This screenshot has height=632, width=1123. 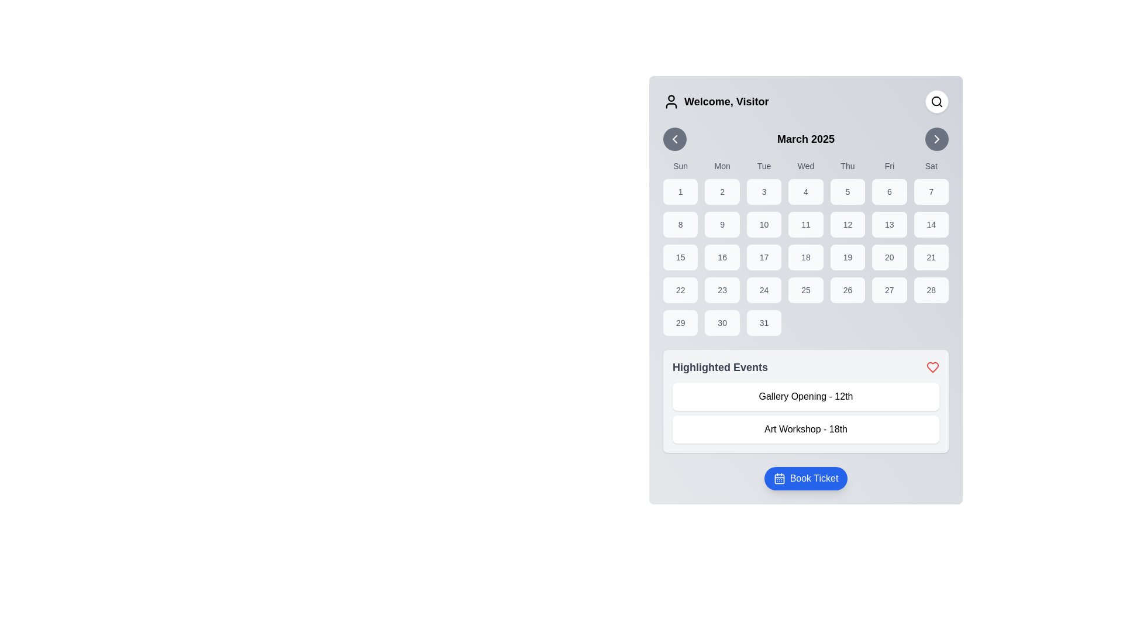 What do you see at coordinates (680, 290) in the screenshot?
I see `the button representing the 22nd day in the calendar grid` at bounding box center [680, 290].